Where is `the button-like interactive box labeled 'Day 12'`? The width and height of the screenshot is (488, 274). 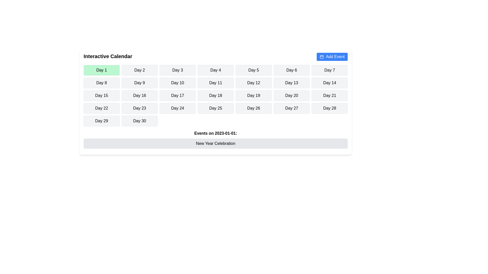
the button-like interactive box labeled 'Day 12' is located at coordinates (254, 83).